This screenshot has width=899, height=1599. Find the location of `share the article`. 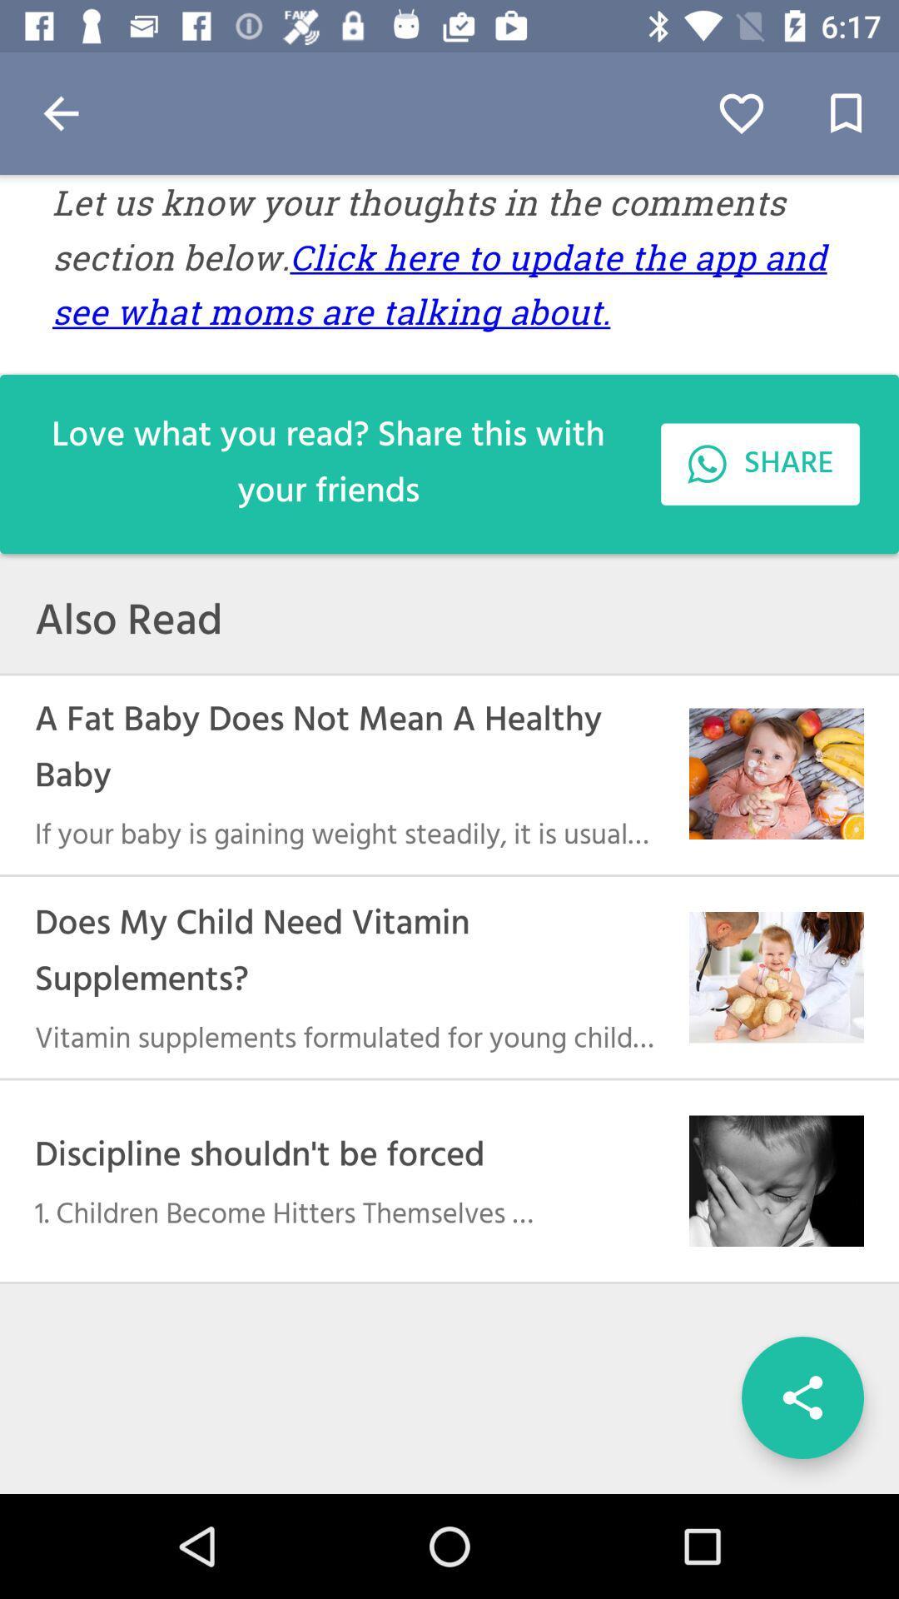

share the article is located at coordinates (802, 1397).